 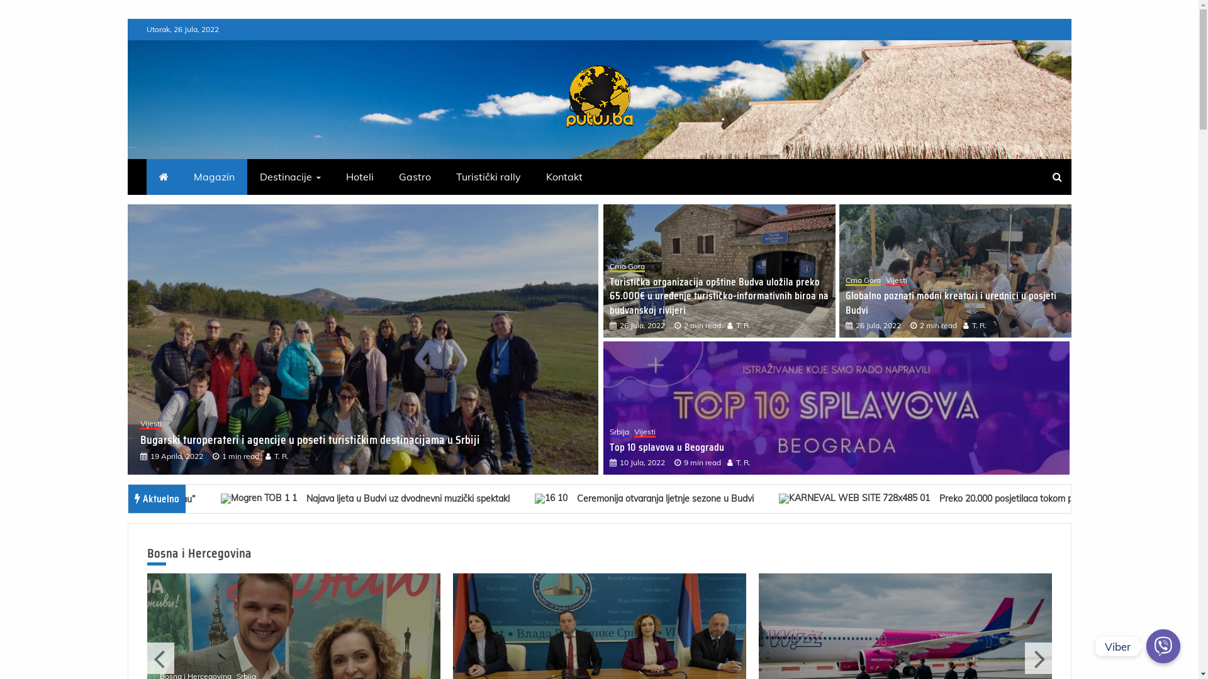 What do you see at coordinates (126, 18) in the screenshot?
I see `'Skip to content'` at bounding box center [126, 18].